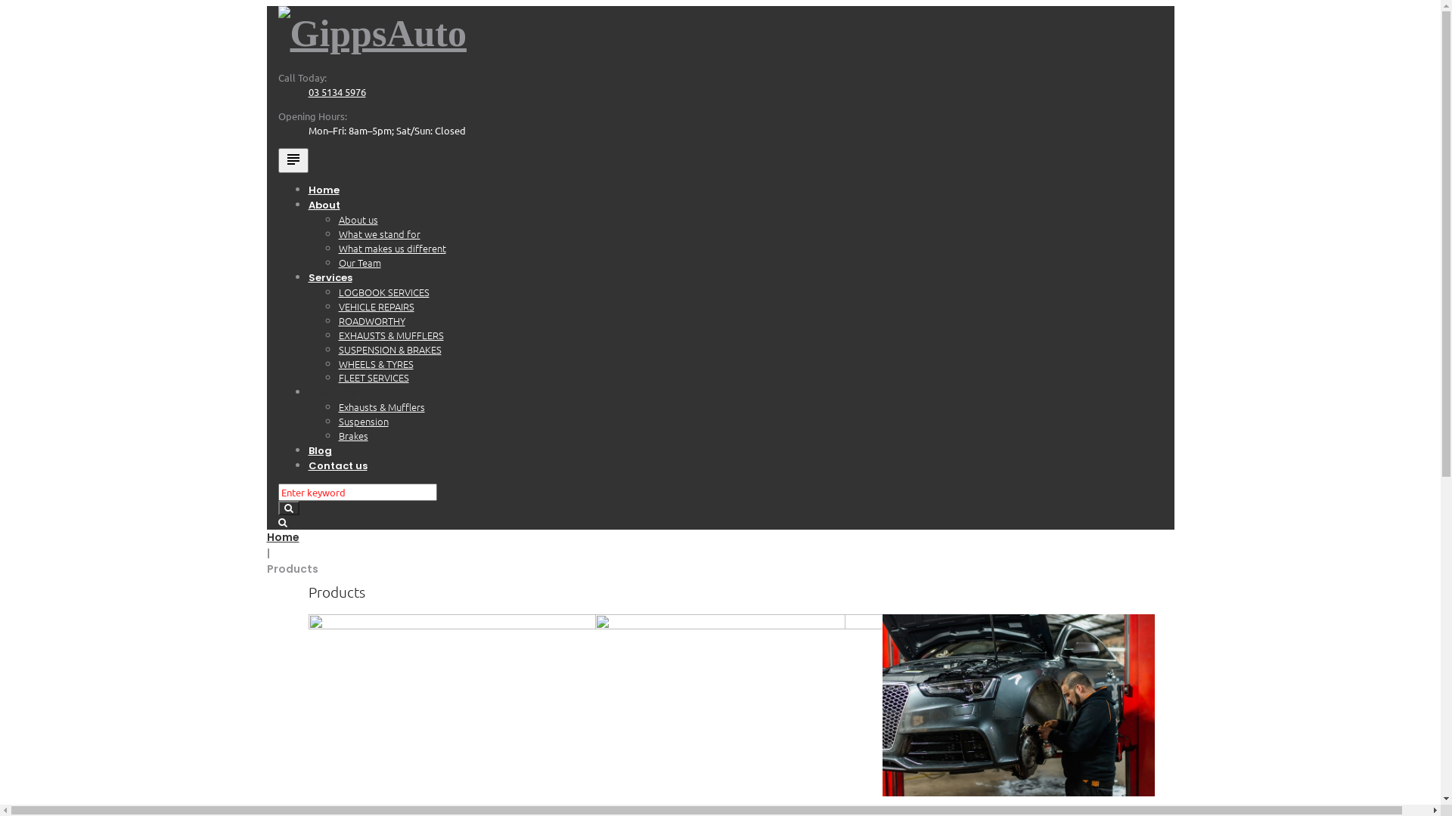 The height and width of the screenshot is (816, 1452). What do you see at coordinates (337, 219) in the screenshot?
I see `'About us'` at bounding box center [337, 219].